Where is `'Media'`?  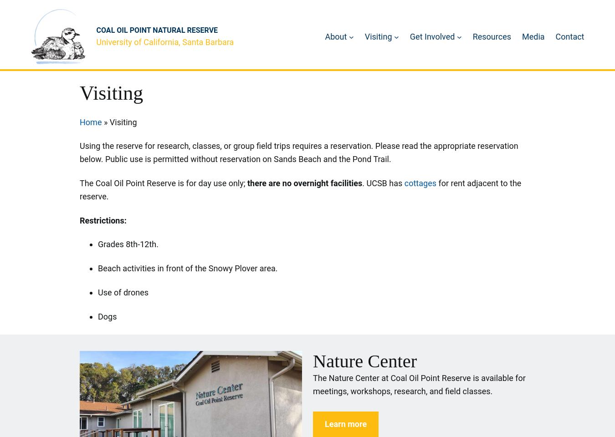
'Media' is located at coordinates (533, 36).